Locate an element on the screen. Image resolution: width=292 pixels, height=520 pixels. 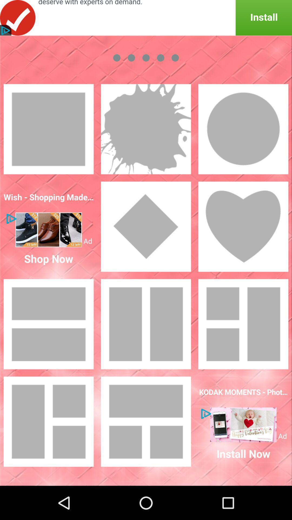
the frame is located at coordinates (49, 129).